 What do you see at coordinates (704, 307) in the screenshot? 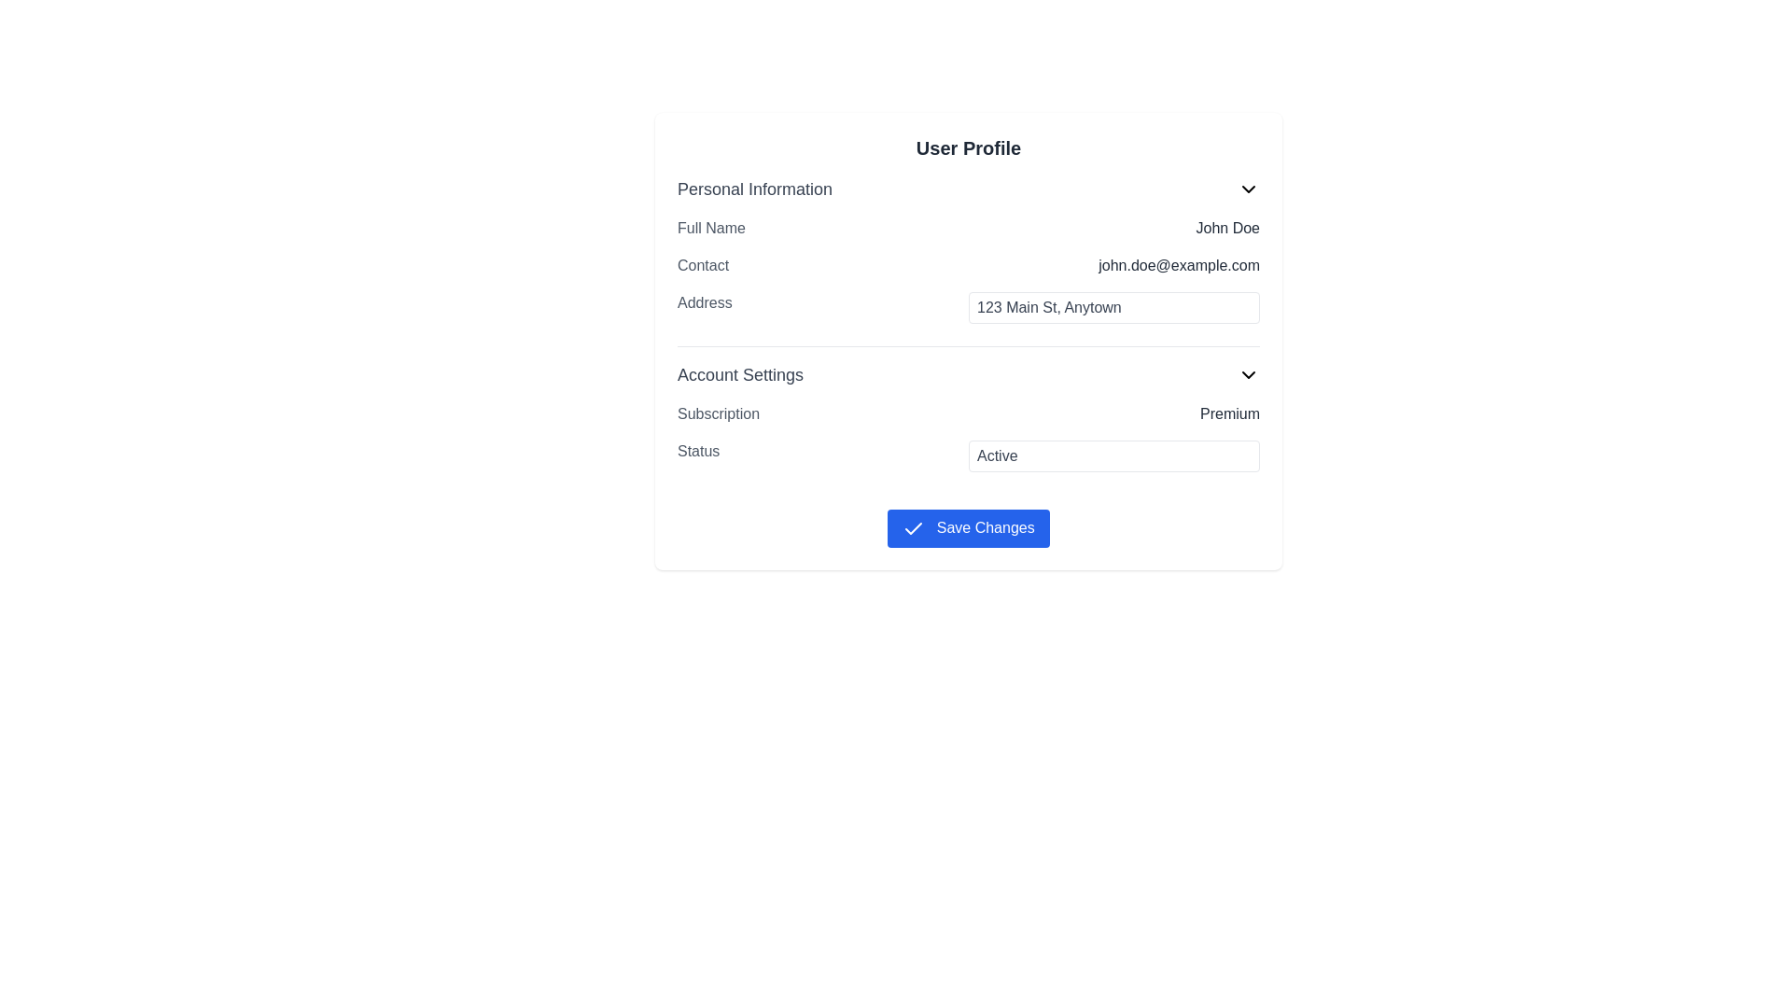
I see `'Address' text label that is displayed in medium gray color on the left side of the address input field in the form interface` at bounding box center [704, 307].